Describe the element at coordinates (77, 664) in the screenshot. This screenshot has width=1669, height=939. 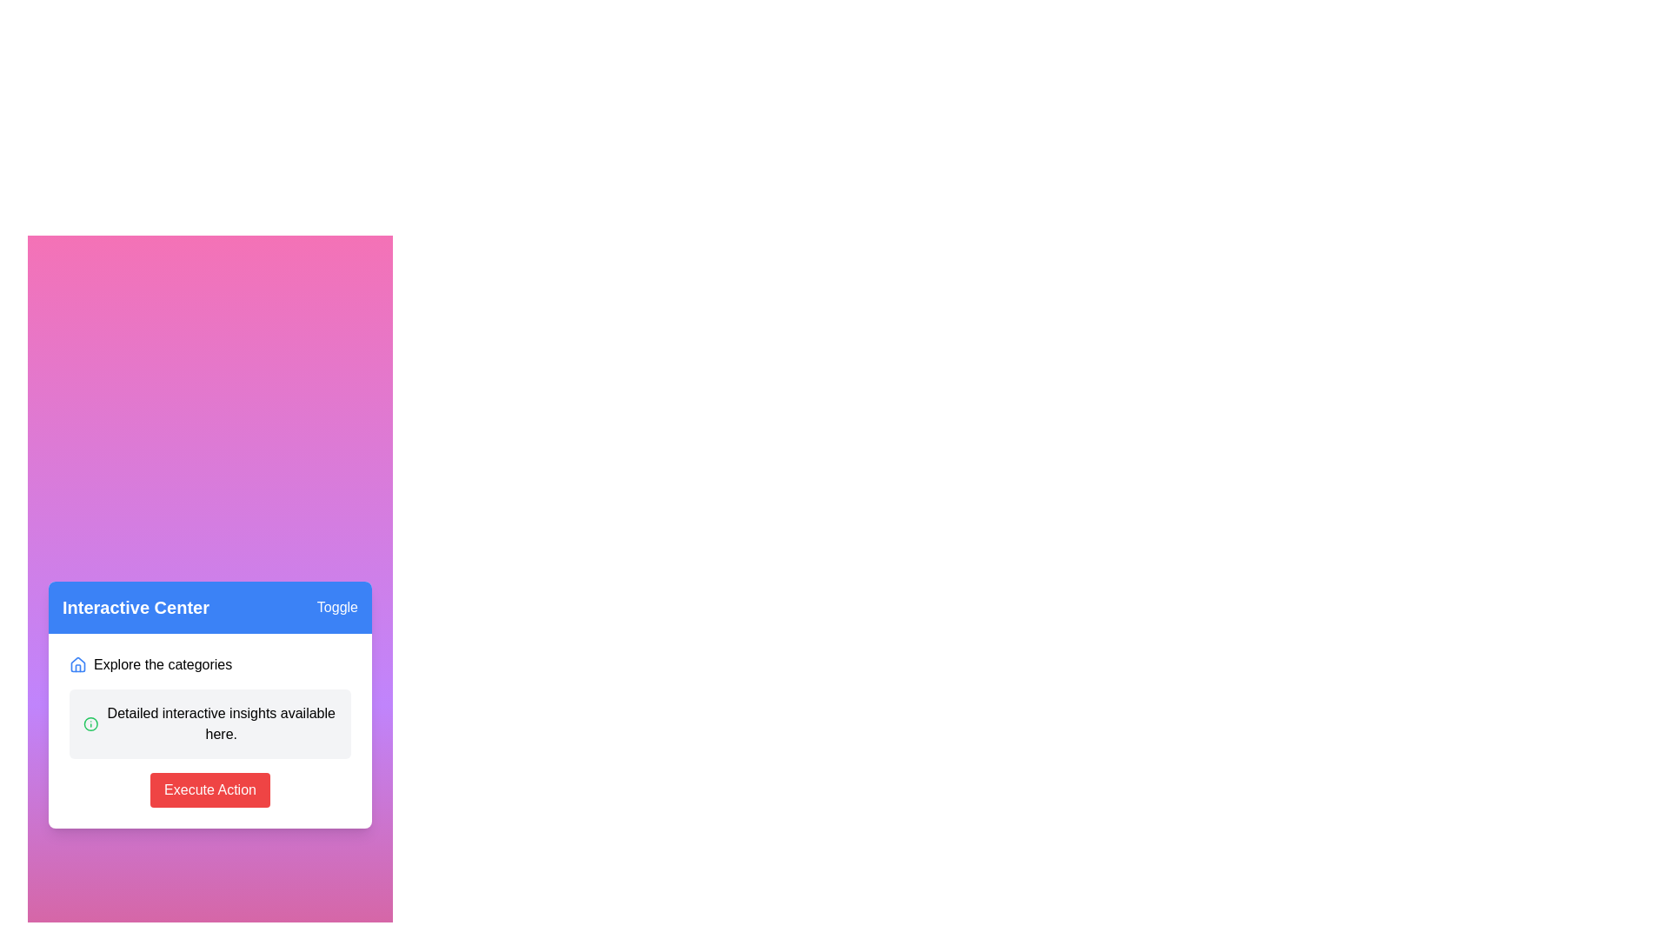
I see `the house-shaped icon rendered in blue, which signifies 'home' or starting points, located at the beginning of the horizontal layout within the panel` at that location.